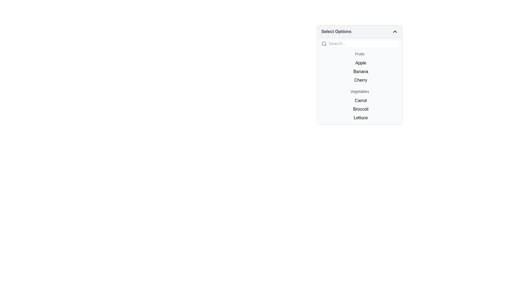  What do you see at coordinates (336, 32) in the screenshot?
I see `the 'Select Options' text label to focus on the dropdown menu it represents` at bounding box center [336, 32].